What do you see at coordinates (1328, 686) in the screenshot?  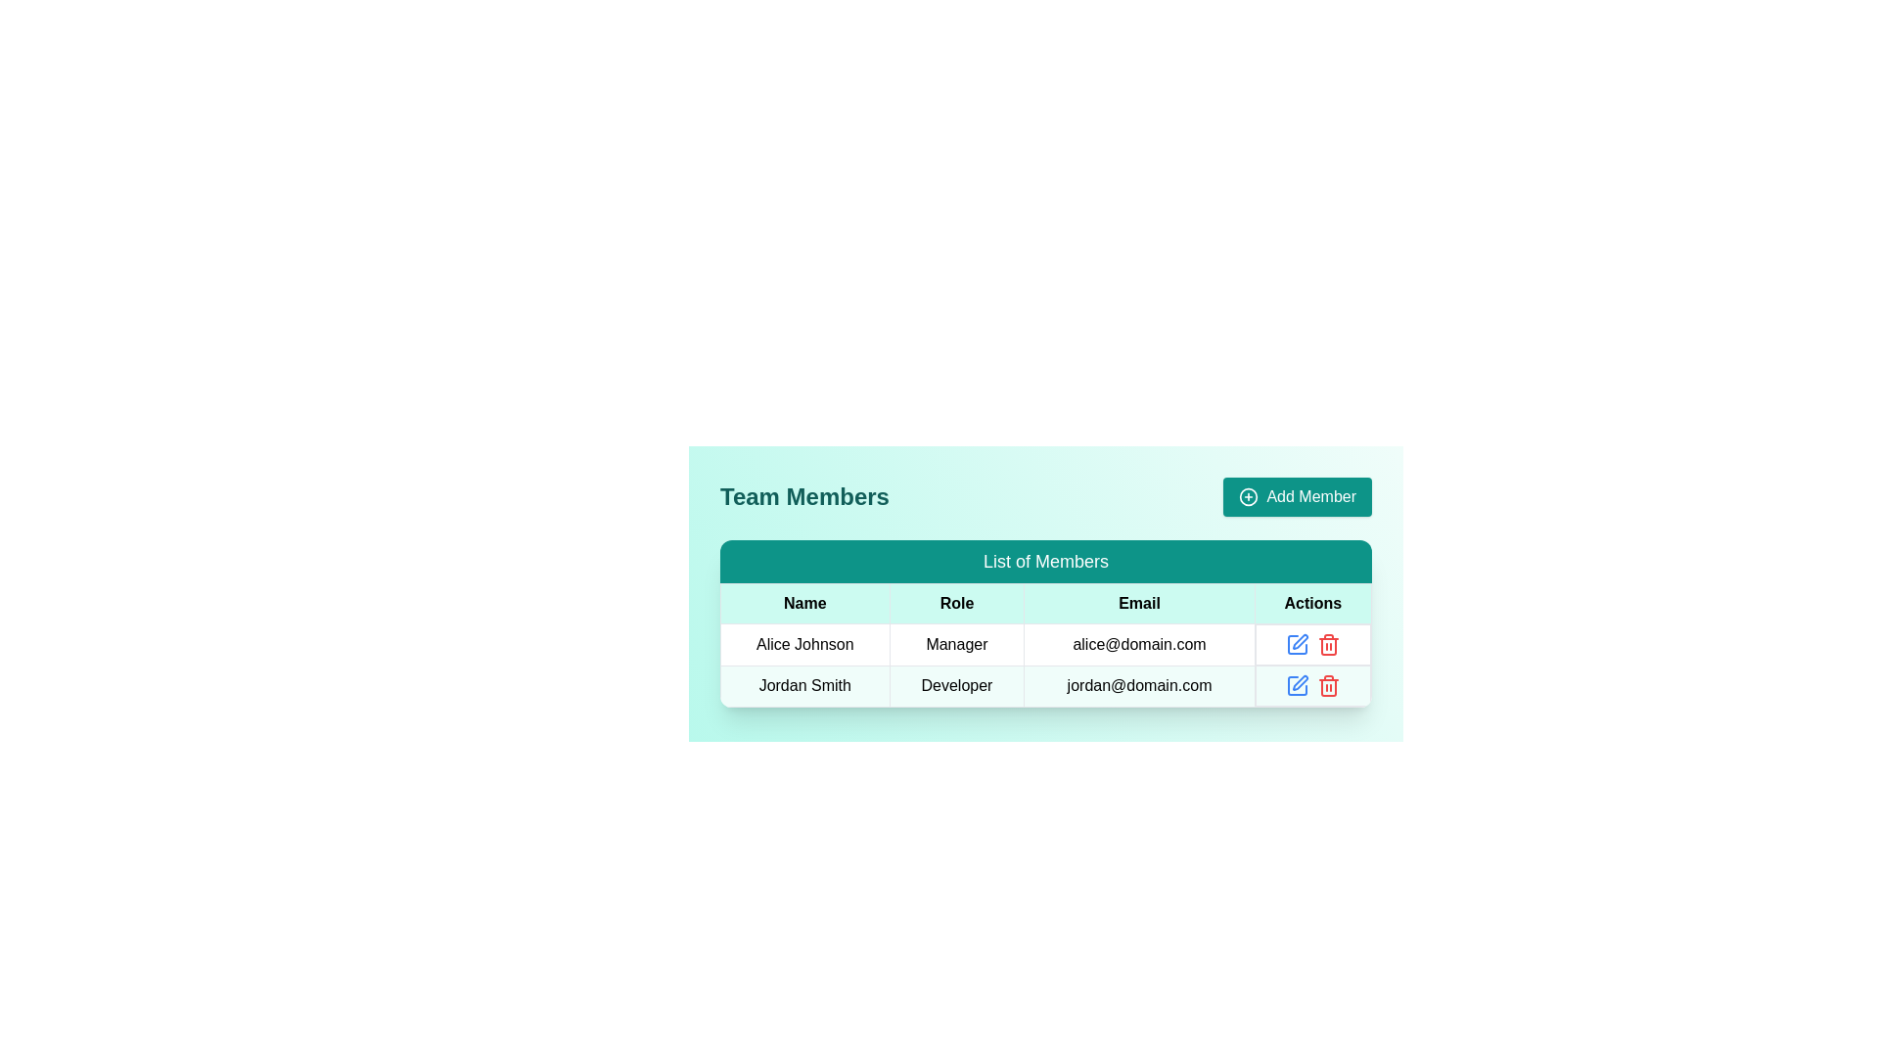 I see `the side walls of the trash can icon in the 'Actions' column of the second row in the 'List of Members' table to indicate the 'Delete' action` at bounding box center [1328, 686].